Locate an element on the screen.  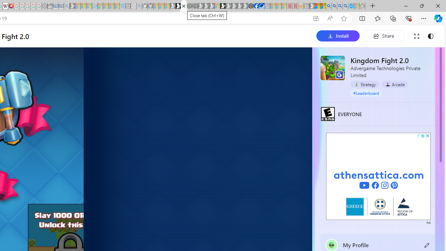
'""' is located at coordinates (331, 244).